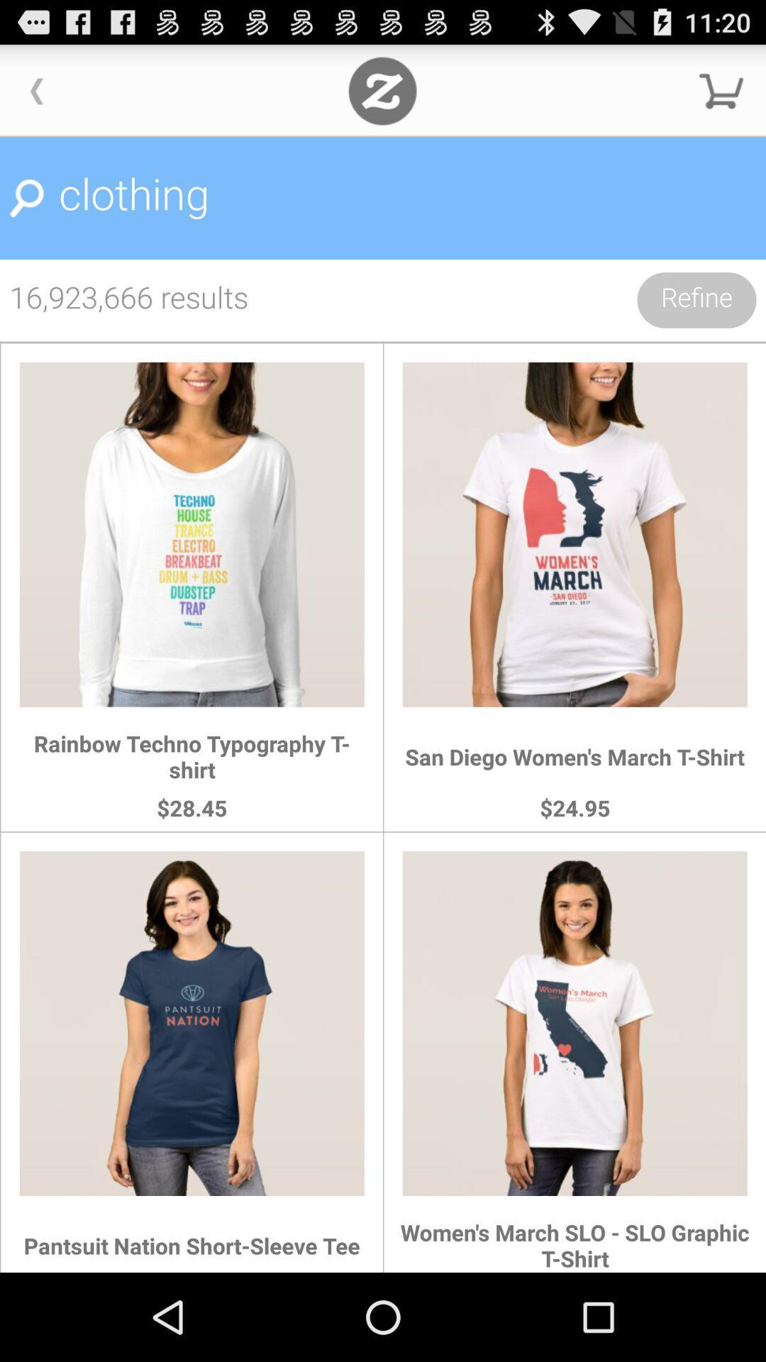  What do you see at coordinates (36, 90) in the screenshot?
I see `back` at bounding box center [36, 90].